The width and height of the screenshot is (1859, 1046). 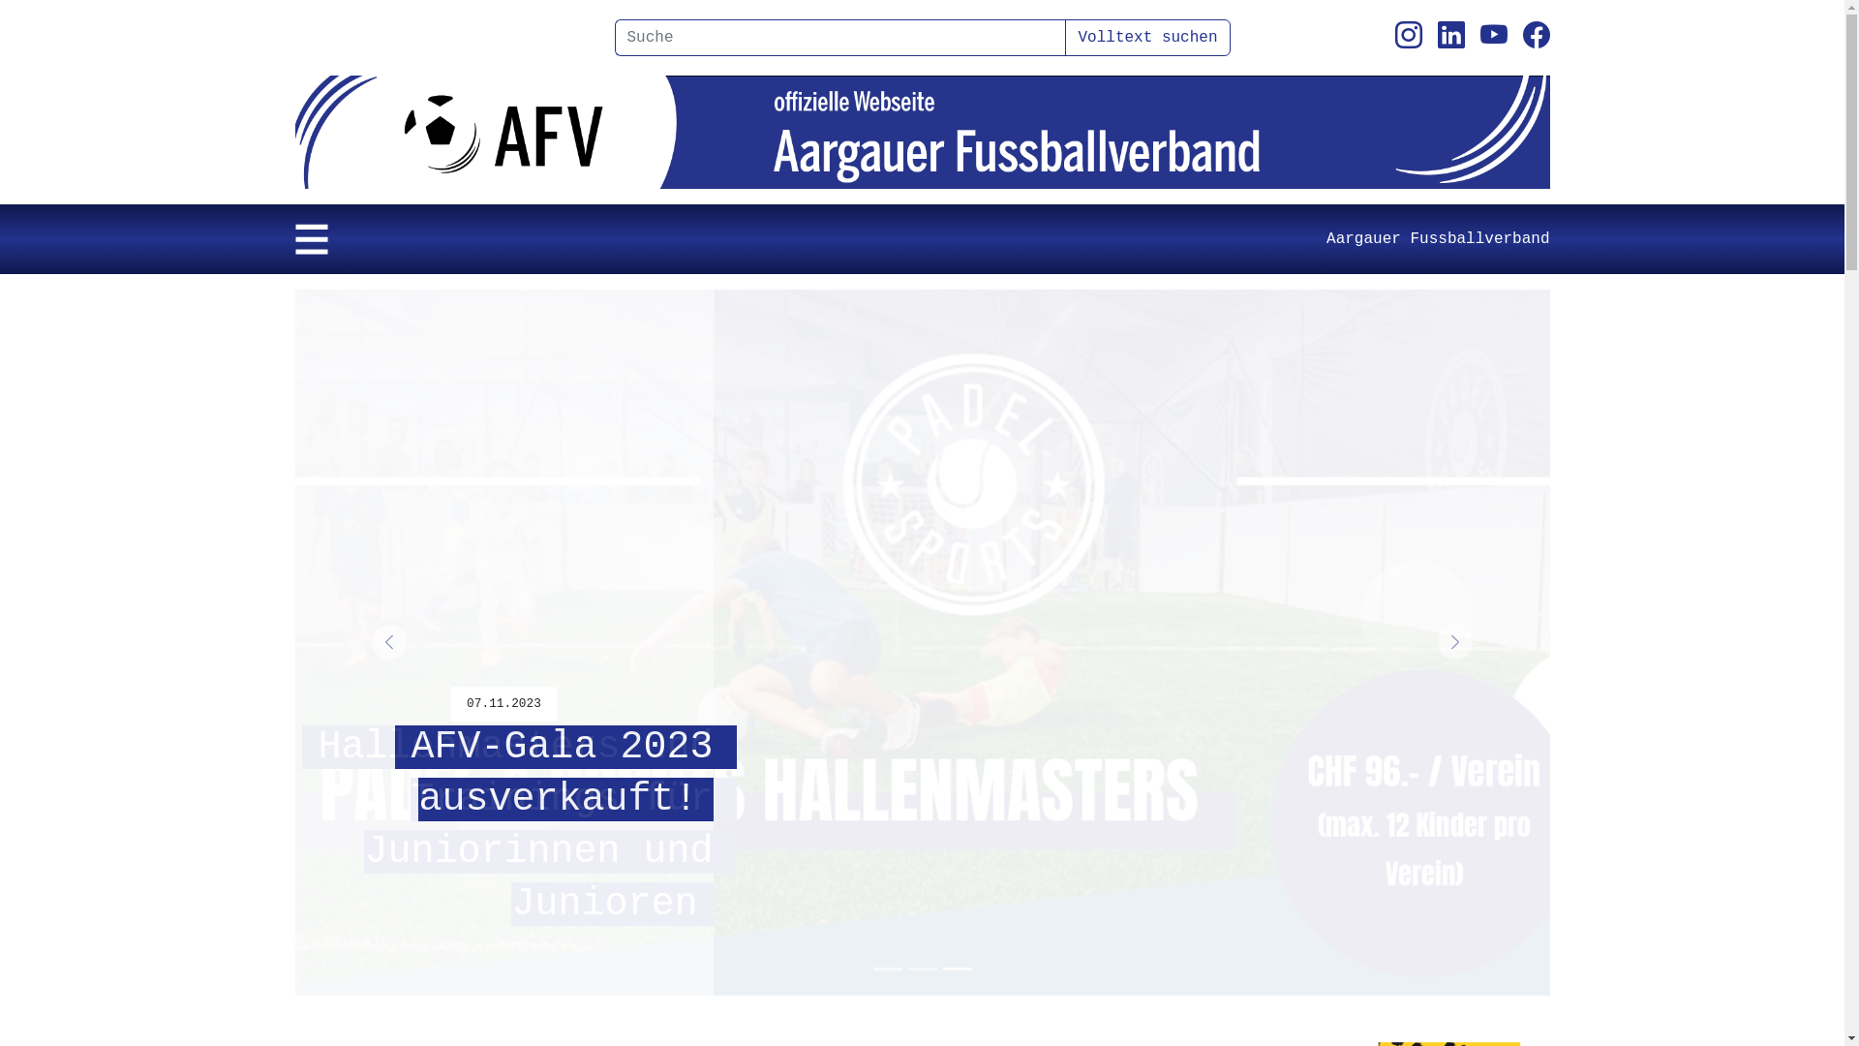 I want to click on 'Linkedin', so click(x=1449, y=37).